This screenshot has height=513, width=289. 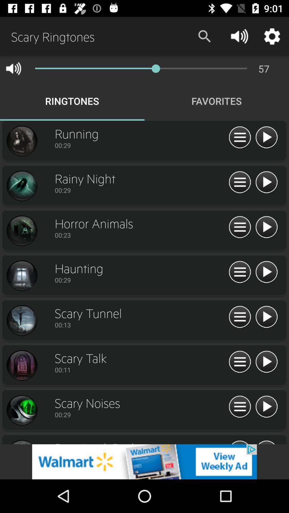 I want to click on open an advertised app, so click(x=144, y=461).